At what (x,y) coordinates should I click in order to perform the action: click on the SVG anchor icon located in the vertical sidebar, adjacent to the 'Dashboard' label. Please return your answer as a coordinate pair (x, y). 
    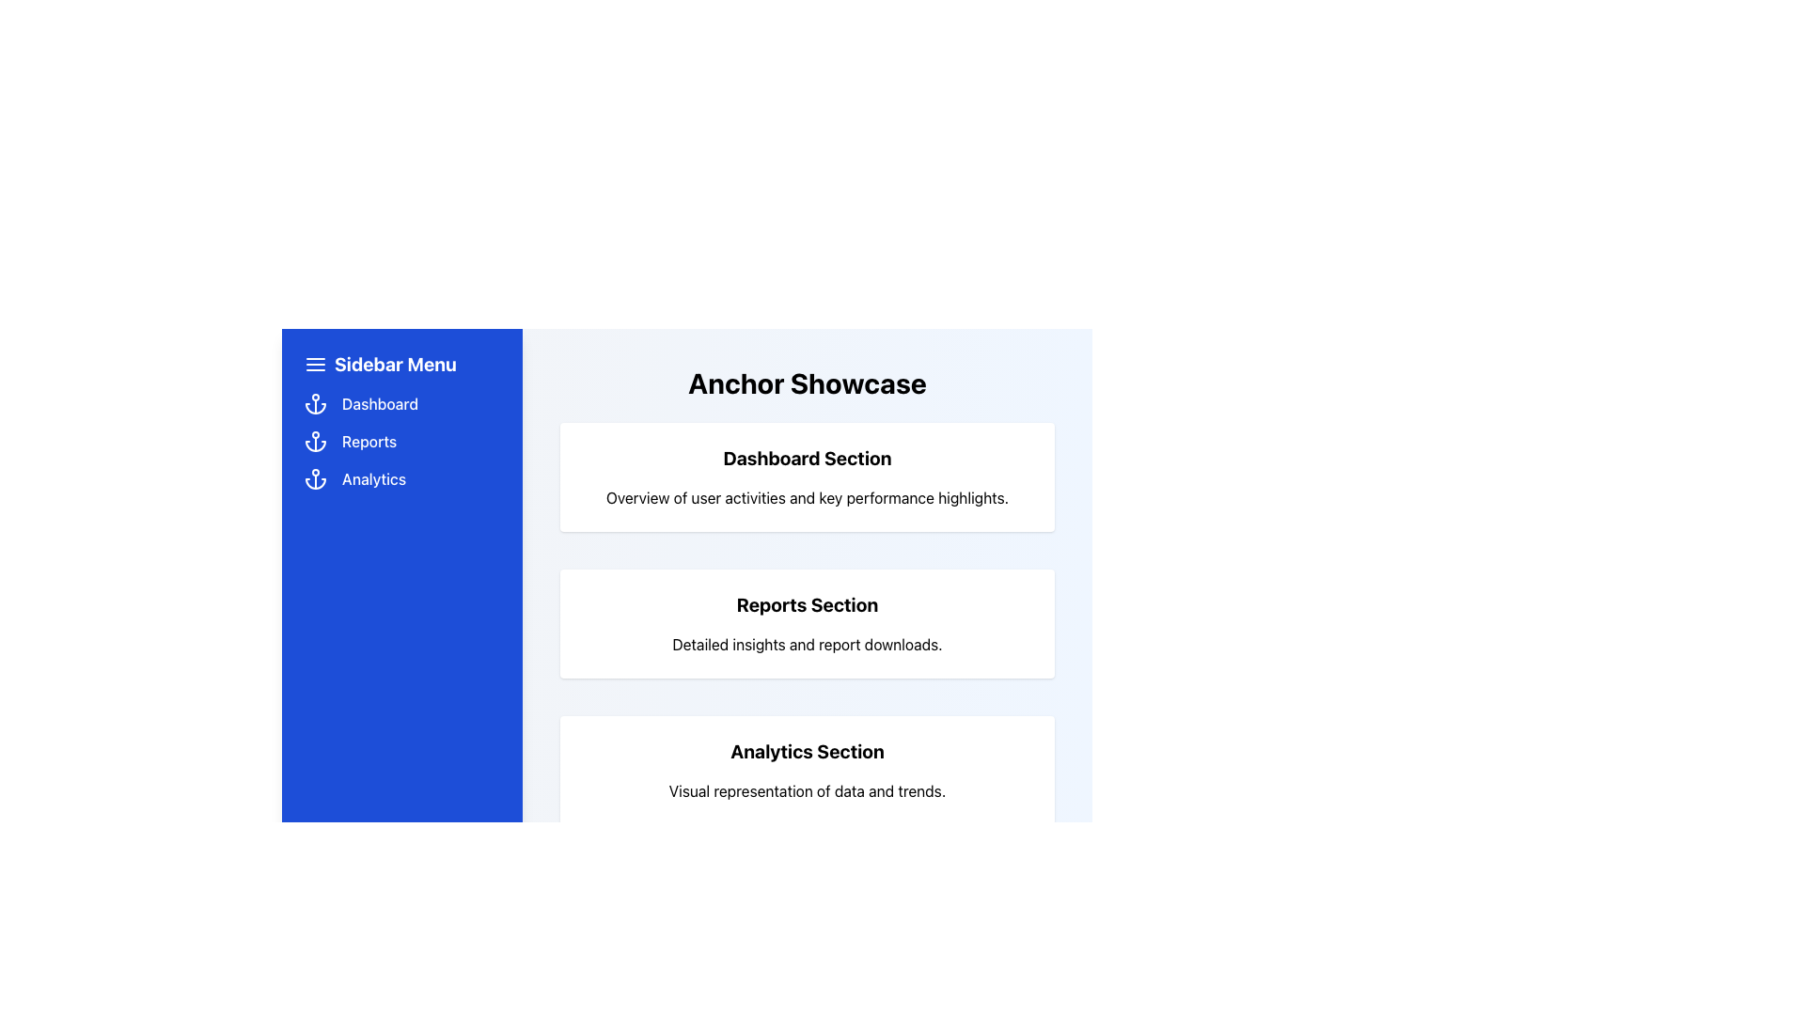
    Looking at the image, I should click on (316, 402).